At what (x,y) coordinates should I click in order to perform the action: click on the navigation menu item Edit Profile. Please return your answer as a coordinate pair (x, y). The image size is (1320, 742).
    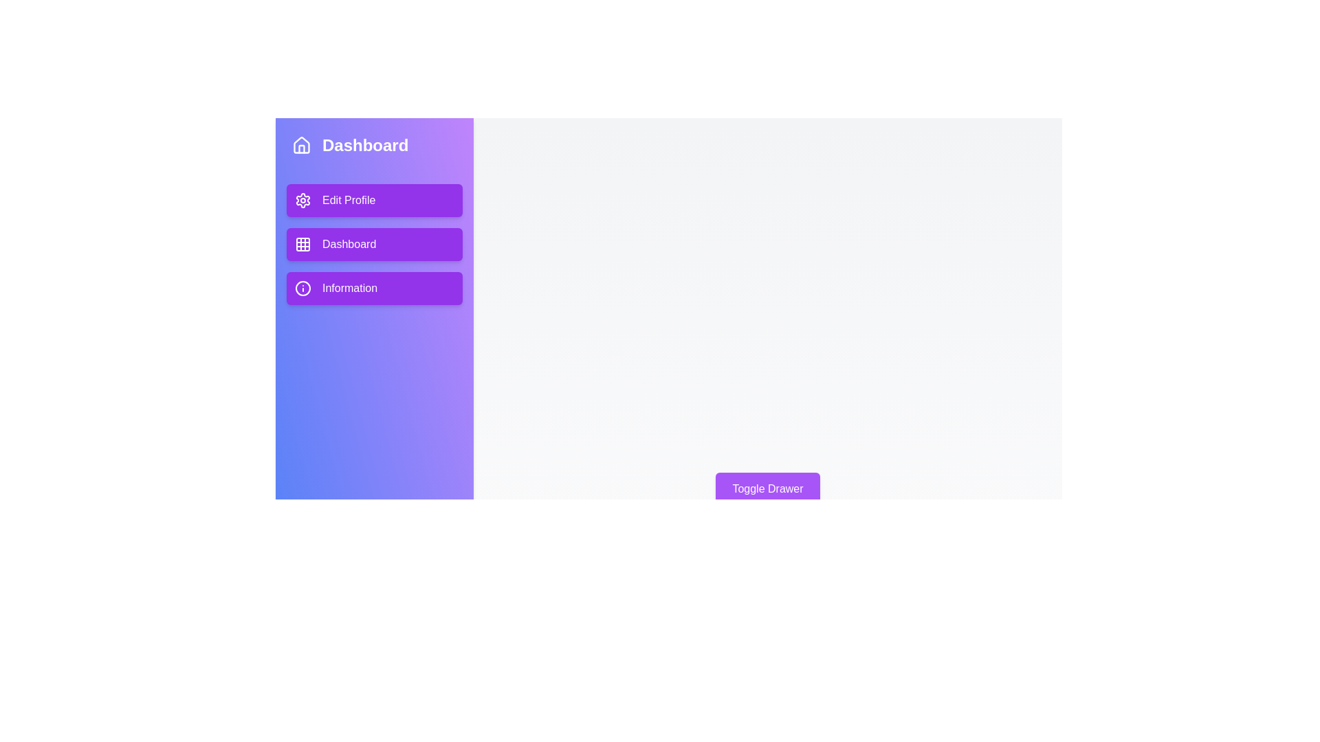
    Looking at the image, I should click on (375, 201).